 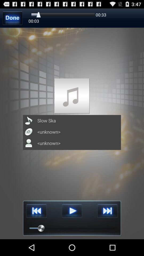 I want to click on next, so click(x=107, y=211).